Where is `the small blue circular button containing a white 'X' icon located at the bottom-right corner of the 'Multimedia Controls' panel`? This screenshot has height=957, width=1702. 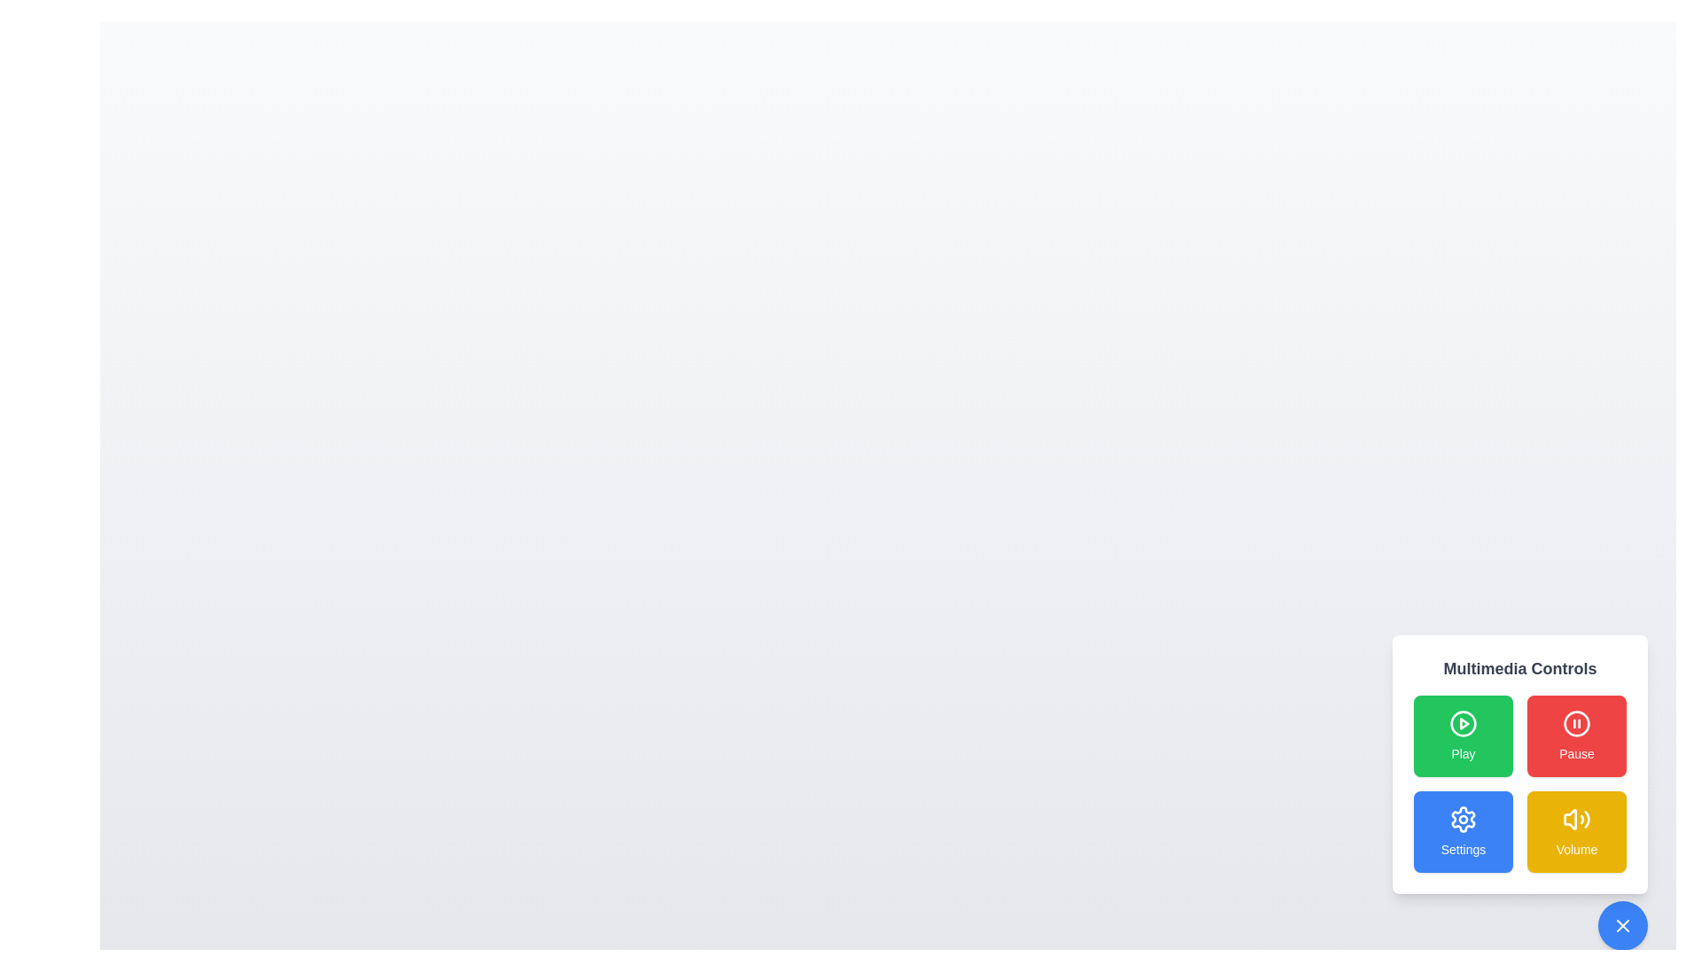
the small blue circular button containing a white 'X' icon located at the bottom-right corner of the 'Multimedia Controls' panel is located at coordinates (1622, 925).